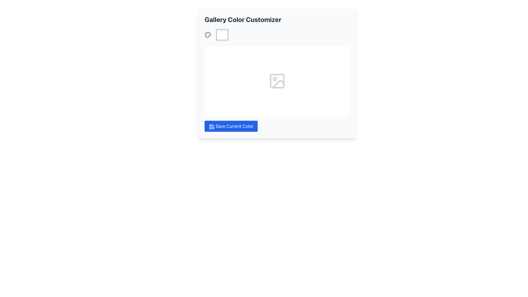  What do you see at coordinates (231, 126) in the screenshot?
I see `the save button located at the bottom of the 'Gallery Color Customizer' card` at bounding box center [231, 126].